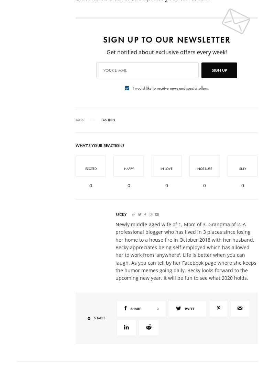 This screenshot has height=367, width=275. I want to click on 'Newly middle-aged wife of 1, Mom of 3, Grandma of 2.  A professional blogger who has lived in 3 places since losing her home to a house fire in October 2018 with her husband.
  
Becky appreciates being self-employed which has allowed her to work from 'anywhere'.

Life is better when you can laugh. As you can tell by her Facebook page where she keeps the humor memes going daily.   

Becky looks forward to the upcoming new year. It will be fun to see what 2020 holds.', so click(115, 250).